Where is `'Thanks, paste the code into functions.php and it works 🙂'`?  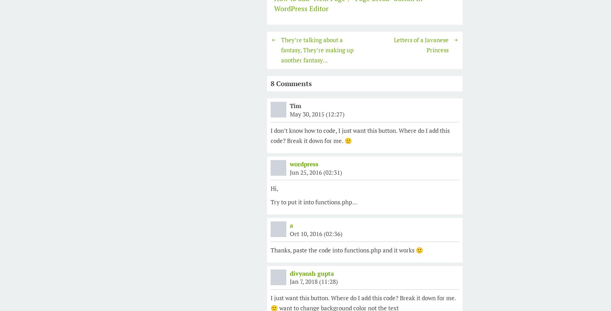
'Thanks, paste the code into functions.php and it works 🙂' is located at coordinates (347, 250).